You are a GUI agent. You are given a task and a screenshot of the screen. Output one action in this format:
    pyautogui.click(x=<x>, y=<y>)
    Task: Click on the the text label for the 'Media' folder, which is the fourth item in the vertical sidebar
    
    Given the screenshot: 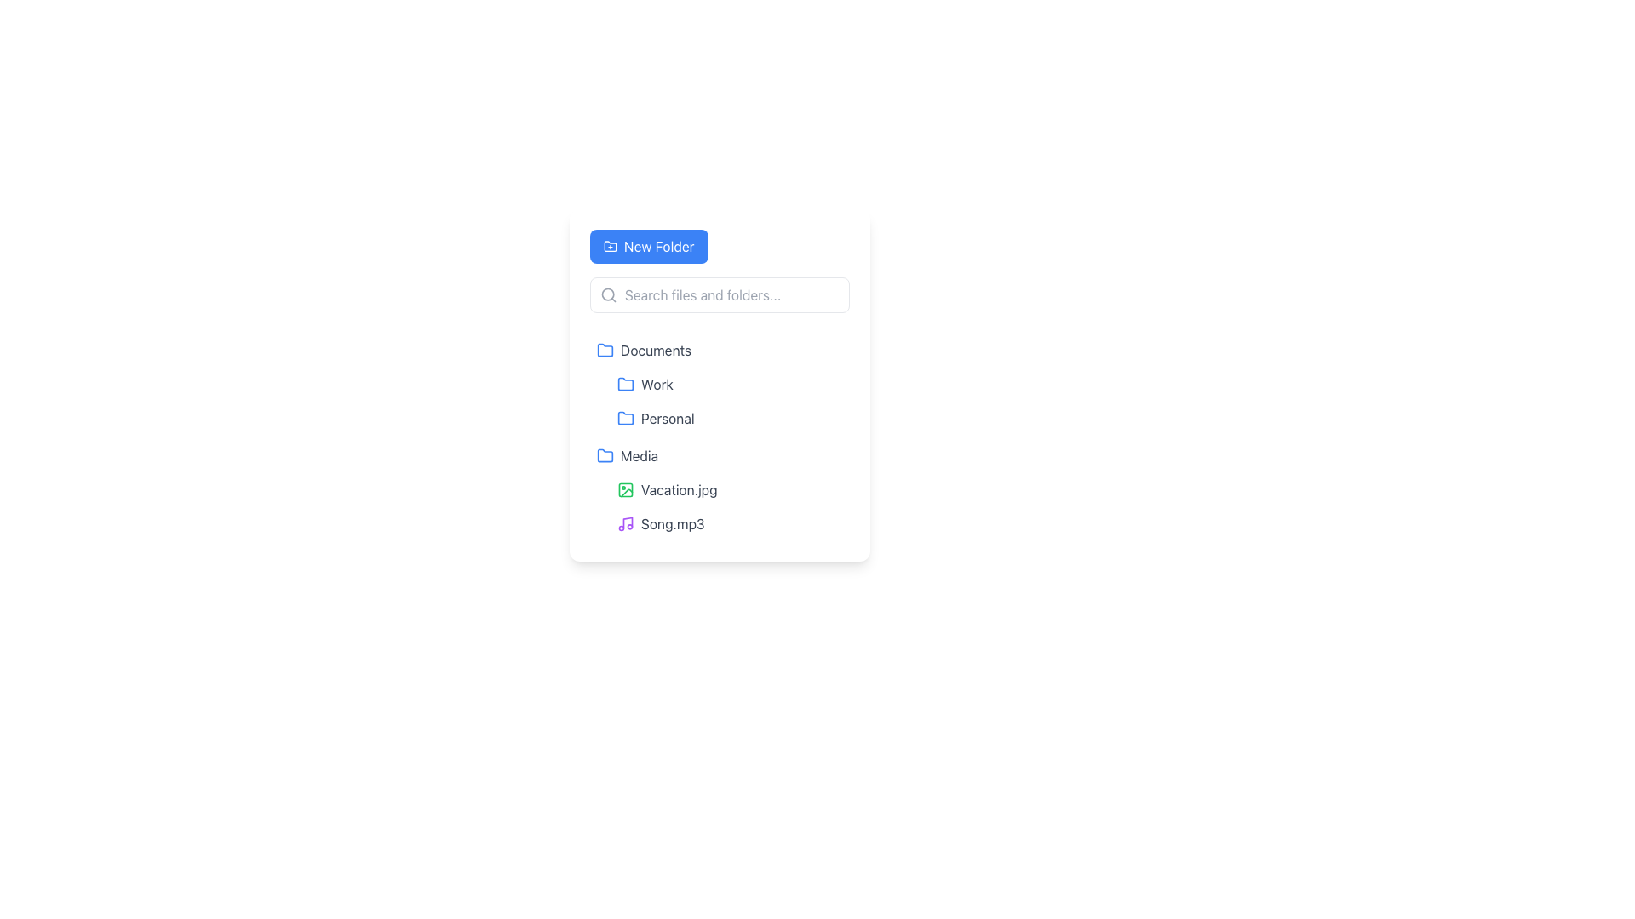 What is the action you would take?
    pyautogui.click(x=639, y=455)
    